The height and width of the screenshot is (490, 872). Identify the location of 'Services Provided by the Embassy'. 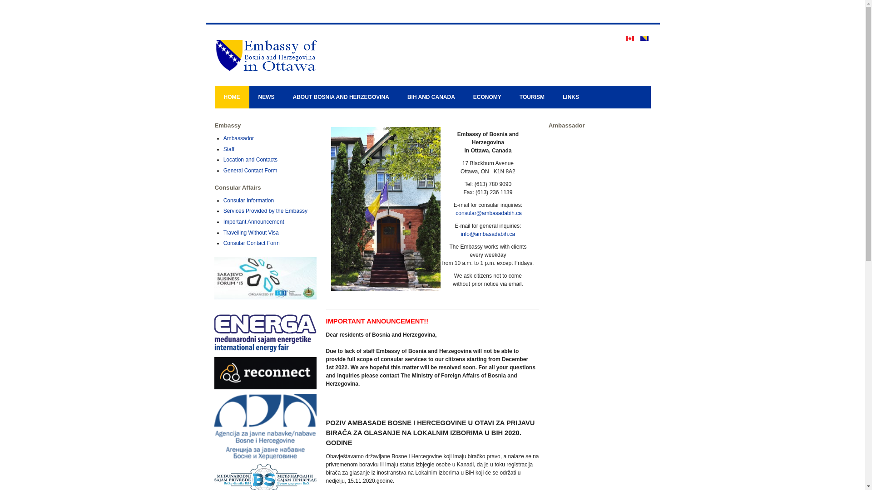
(265, 211).